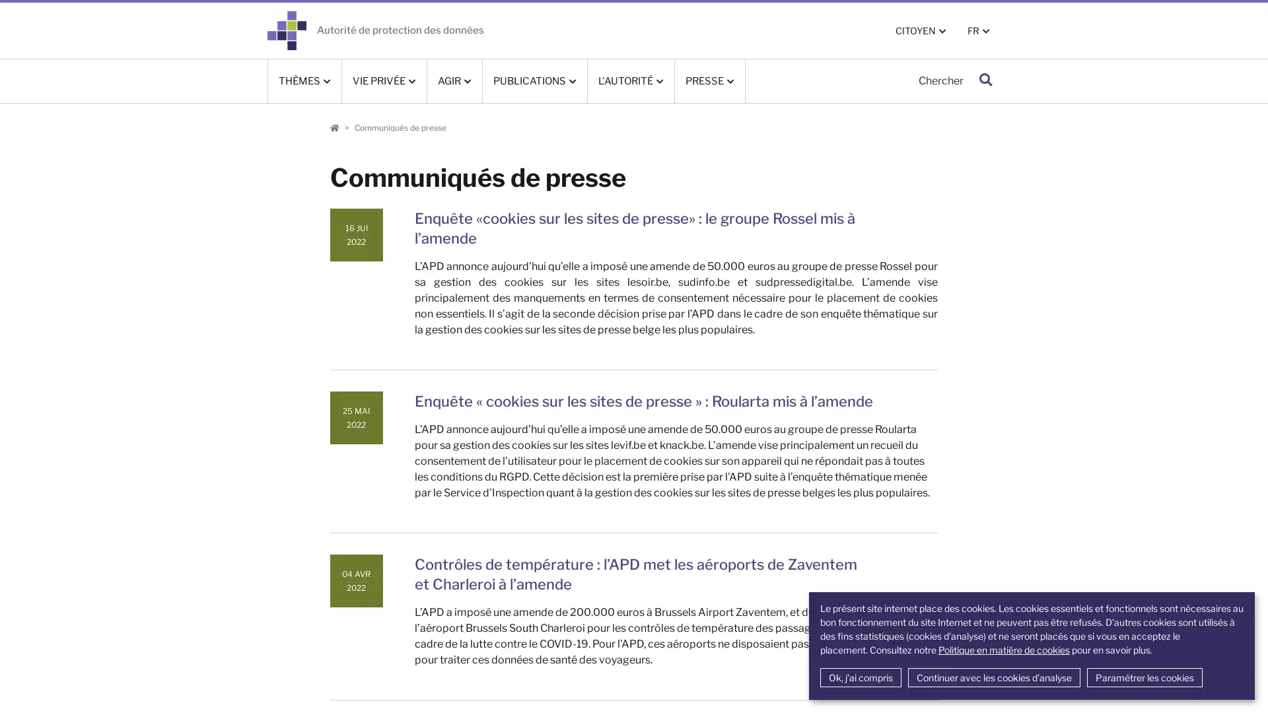 The width and height of the screenshot is (1268, 713). I want to click on Continuer avec les cookies d'analyse, so click(993, 677).